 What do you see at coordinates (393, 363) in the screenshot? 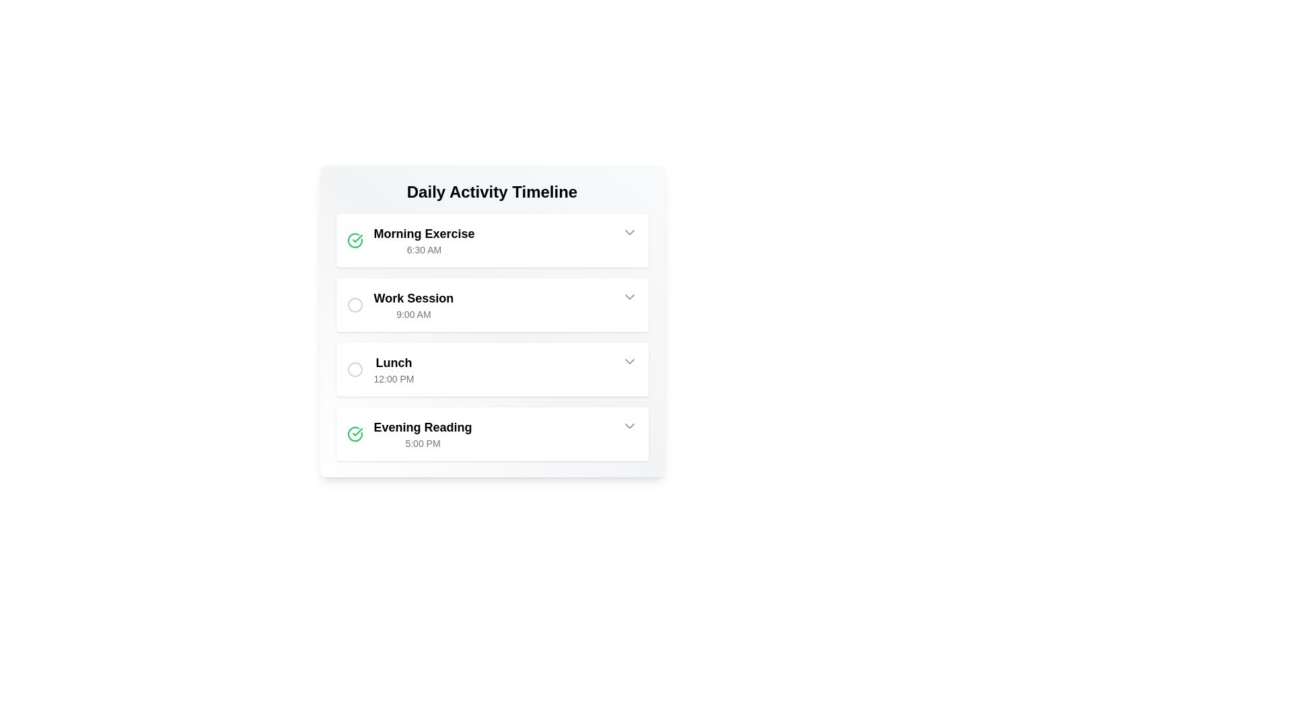
I see `the title text label of the third timeline entry in the 'Daily Activity Timeline', which describes the associated activity and is positioned above a smaller text element that indicates '12:00 PM'` at bounding box center [393, 363].